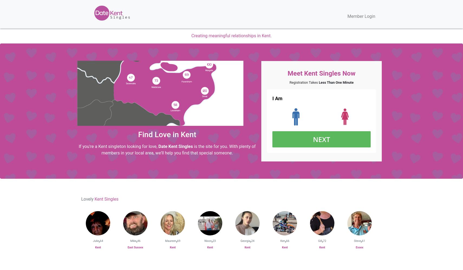 The height and width of the screenshot is (270, 463). Describe the element at coordinates (208, 241) in the screenshot. I see `'Nixon'` at that location.